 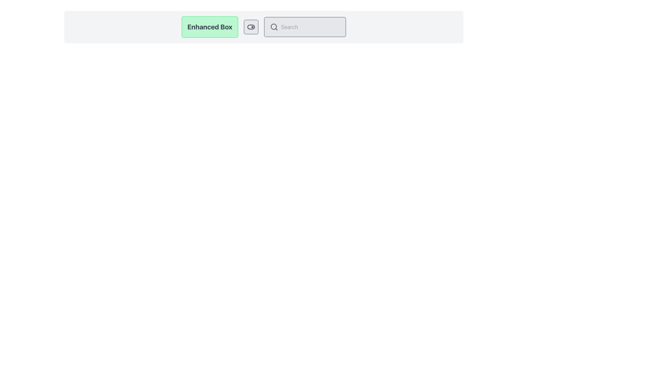 What do you see at coordinates (251, 27) in the screenshot?
I see `the background rectangle of the toggle located towards the top-right corner of the application interface, adjacent to the green 'Enhanced Box' button and the search bar` at bounding box center [251, 27].